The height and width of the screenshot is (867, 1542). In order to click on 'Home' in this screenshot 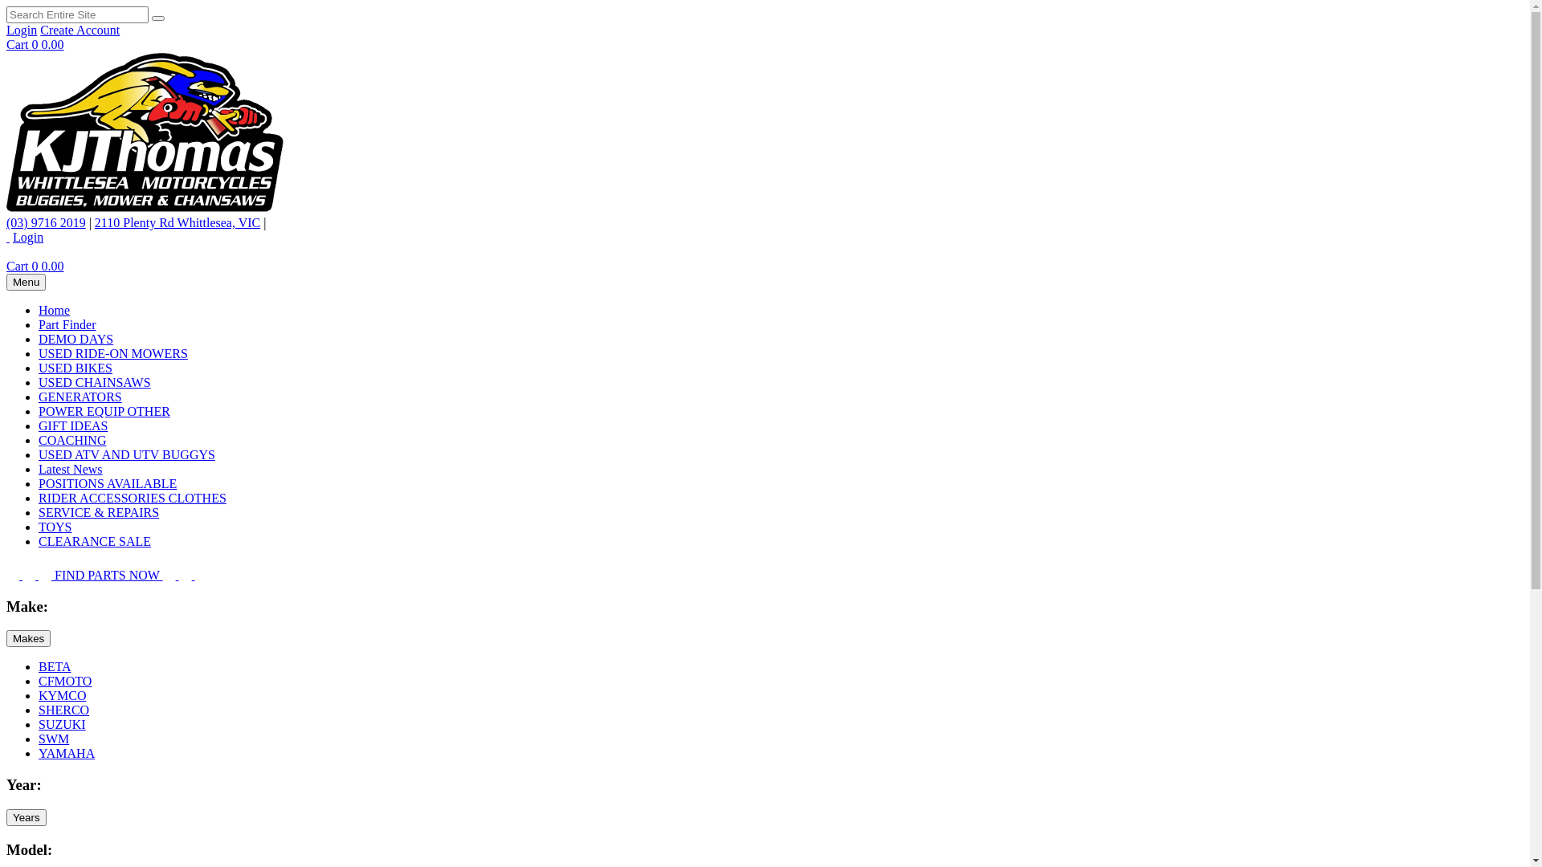, I will do `click(54, 310)`.